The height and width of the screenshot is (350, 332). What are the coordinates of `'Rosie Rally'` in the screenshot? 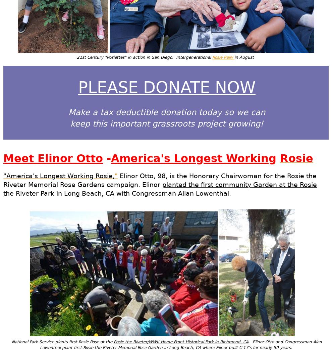 It's located at (223, 57).